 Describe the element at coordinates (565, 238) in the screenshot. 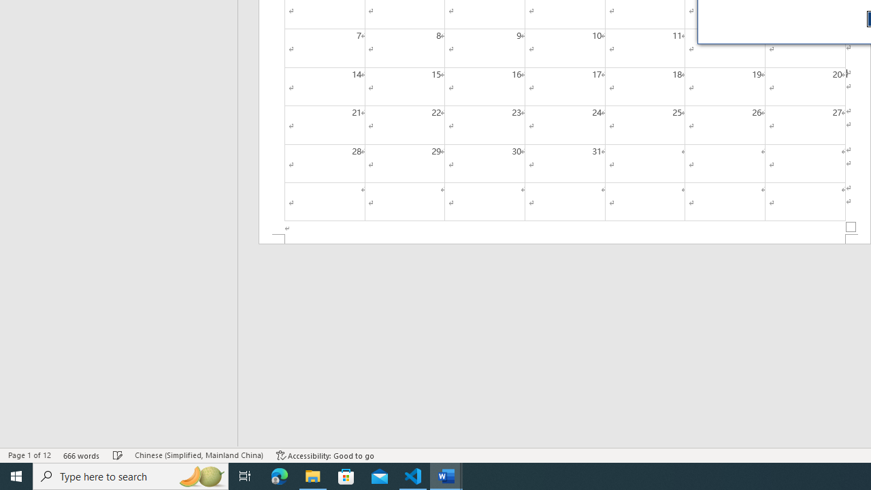

I see `'Footer -Section 1-'` at that location.